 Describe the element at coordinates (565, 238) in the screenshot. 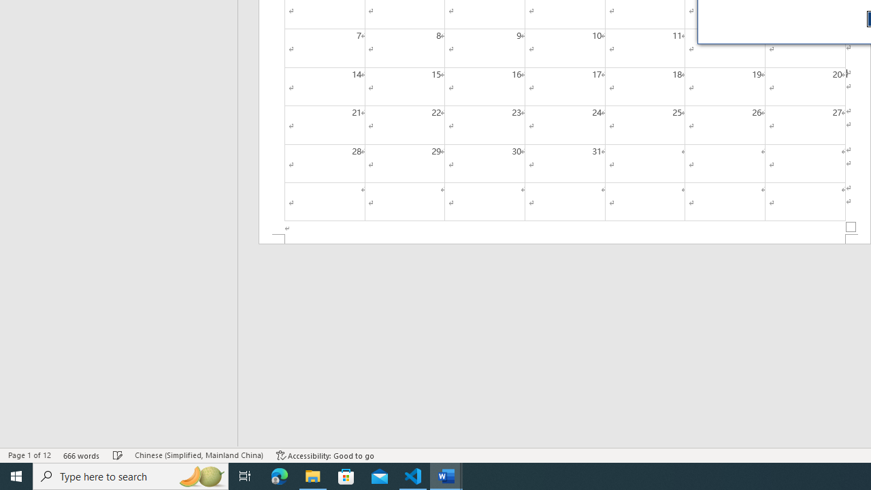

I see `'Footer -Section 1-'` at that location.